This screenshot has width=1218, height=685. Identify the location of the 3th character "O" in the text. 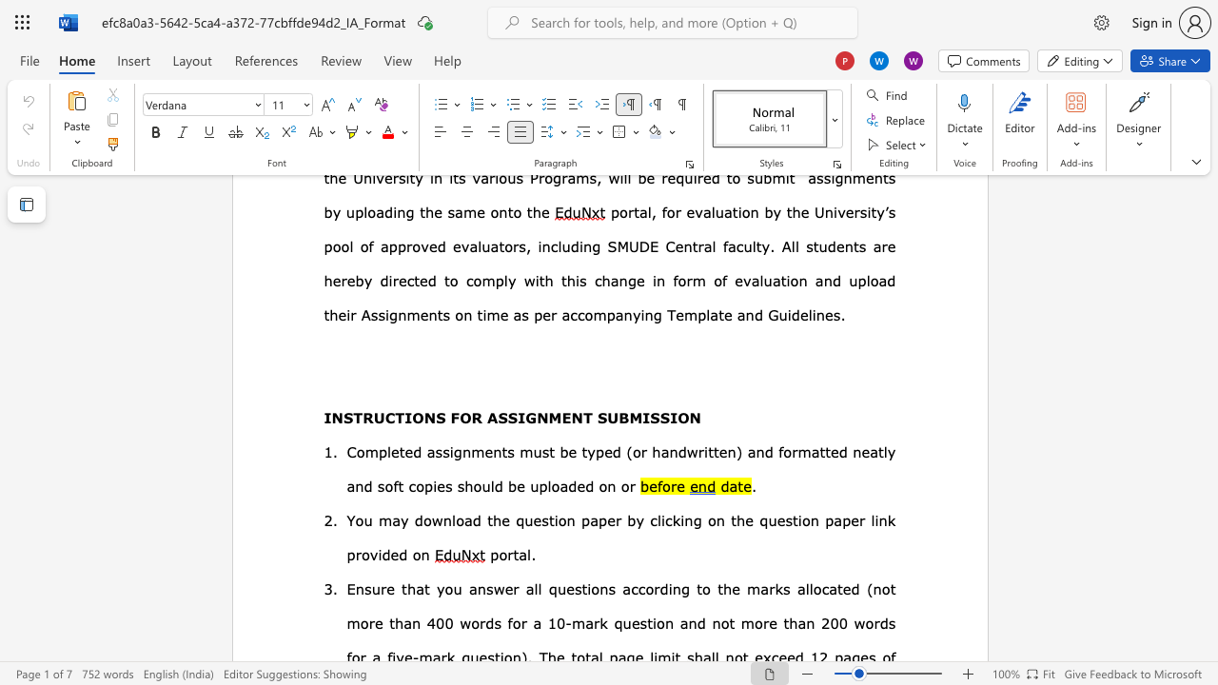
(683, 416).